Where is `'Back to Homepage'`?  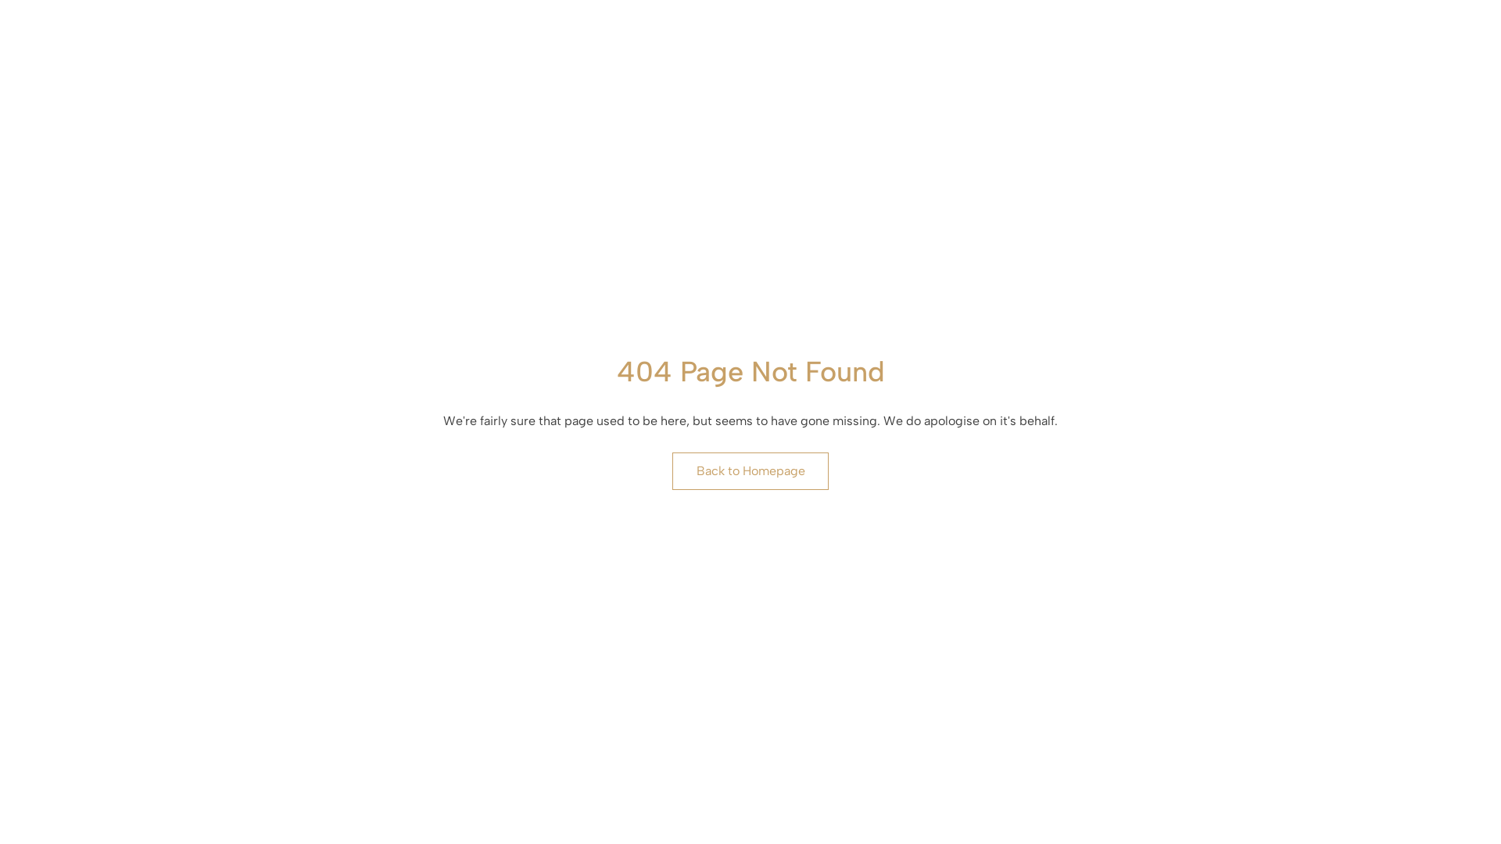 'Back to Homepage' is located at coordinates (750, 470).